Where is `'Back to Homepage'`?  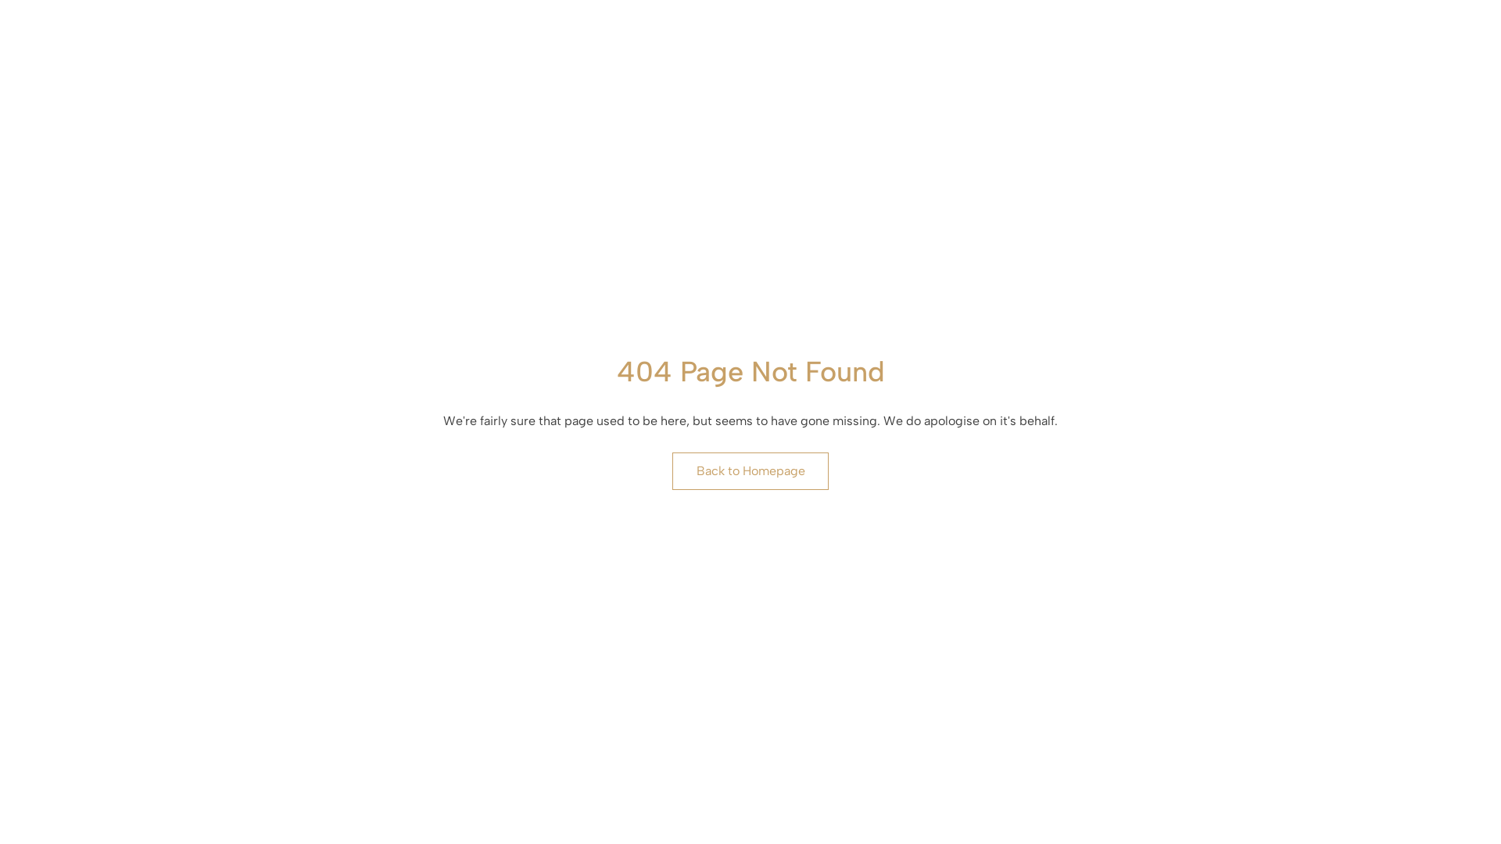 'Back to Homepage' is located at coordinates (750, 470).